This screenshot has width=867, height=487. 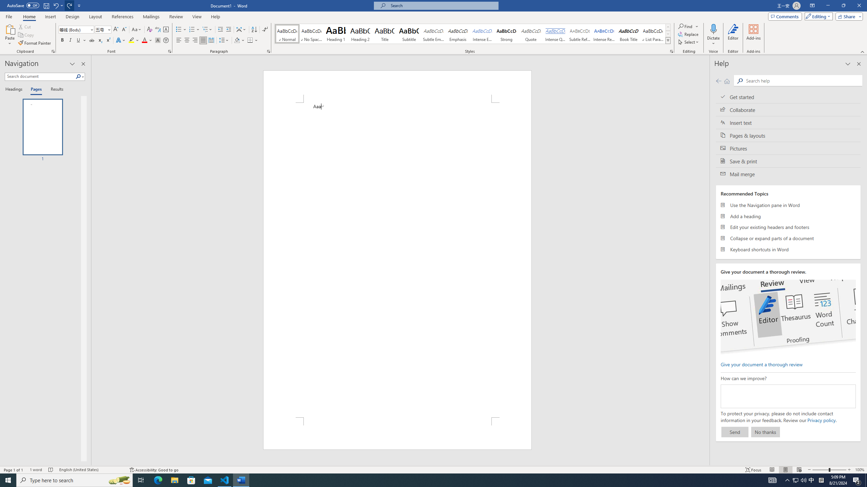 What do you see at coordinates (186, 40) in the screenshot?
I see `'Center'` at bounding box center [186, 40].